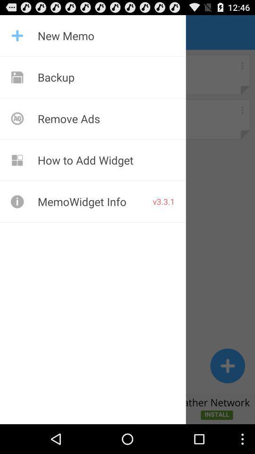 The image size is (255, 454). I want to click on the add icon, so click(227, 392).